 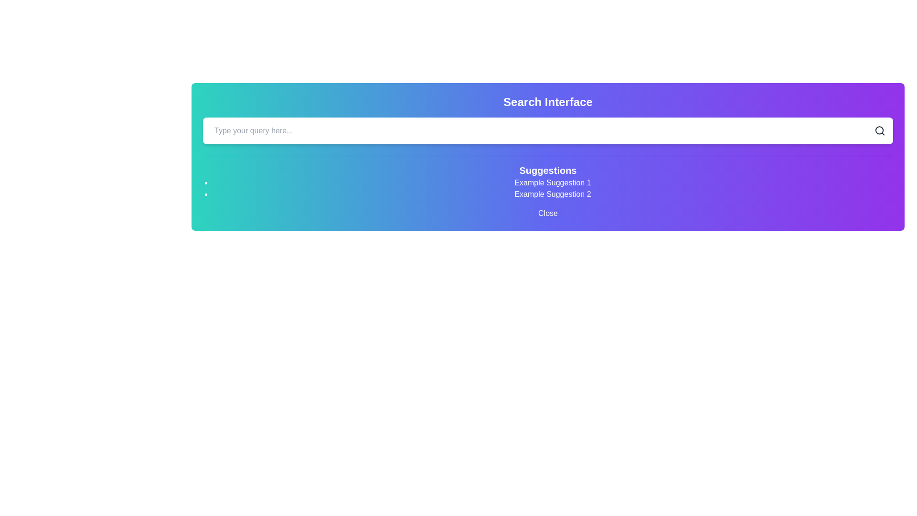 I want to click on the 'Suggestions' text label, which is bold and centered above the list of suggestions, so click(x=548, y=170).